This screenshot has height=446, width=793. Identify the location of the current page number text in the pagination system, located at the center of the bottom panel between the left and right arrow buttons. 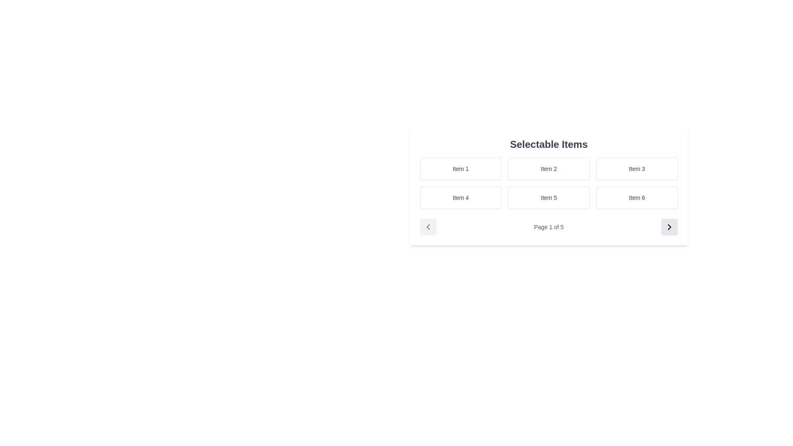
(549, 227).